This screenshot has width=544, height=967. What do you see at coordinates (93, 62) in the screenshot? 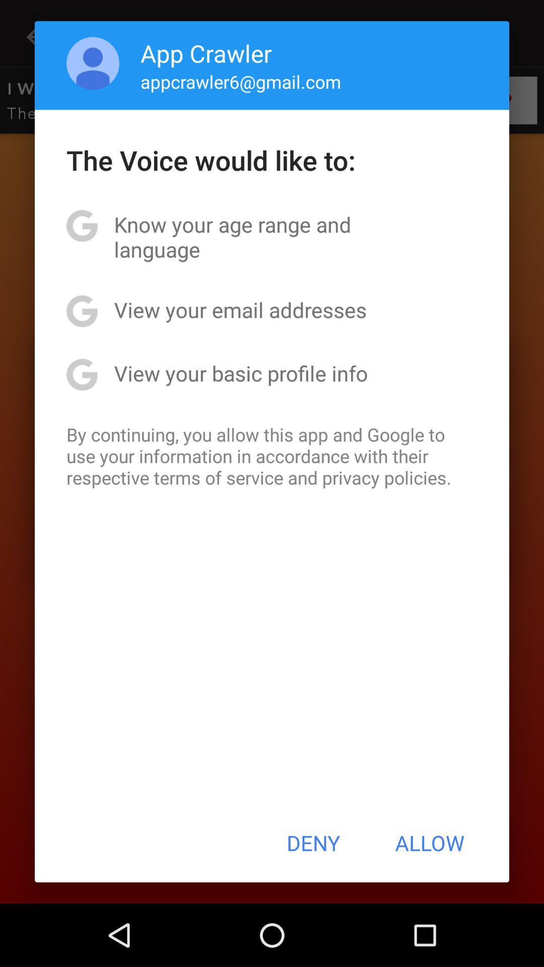
I see `the item above the the voice would` at bounding box center [93, 62].